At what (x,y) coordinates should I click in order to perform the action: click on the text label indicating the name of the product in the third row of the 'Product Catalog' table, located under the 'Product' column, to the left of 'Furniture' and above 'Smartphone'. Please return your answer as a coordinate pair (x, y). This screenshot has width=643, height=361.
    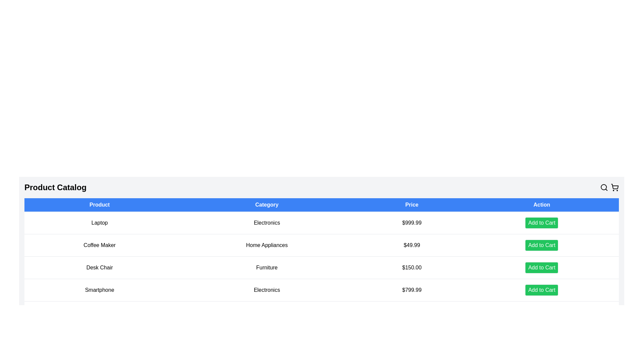
    Looking at the image, I should click on (99, 267).